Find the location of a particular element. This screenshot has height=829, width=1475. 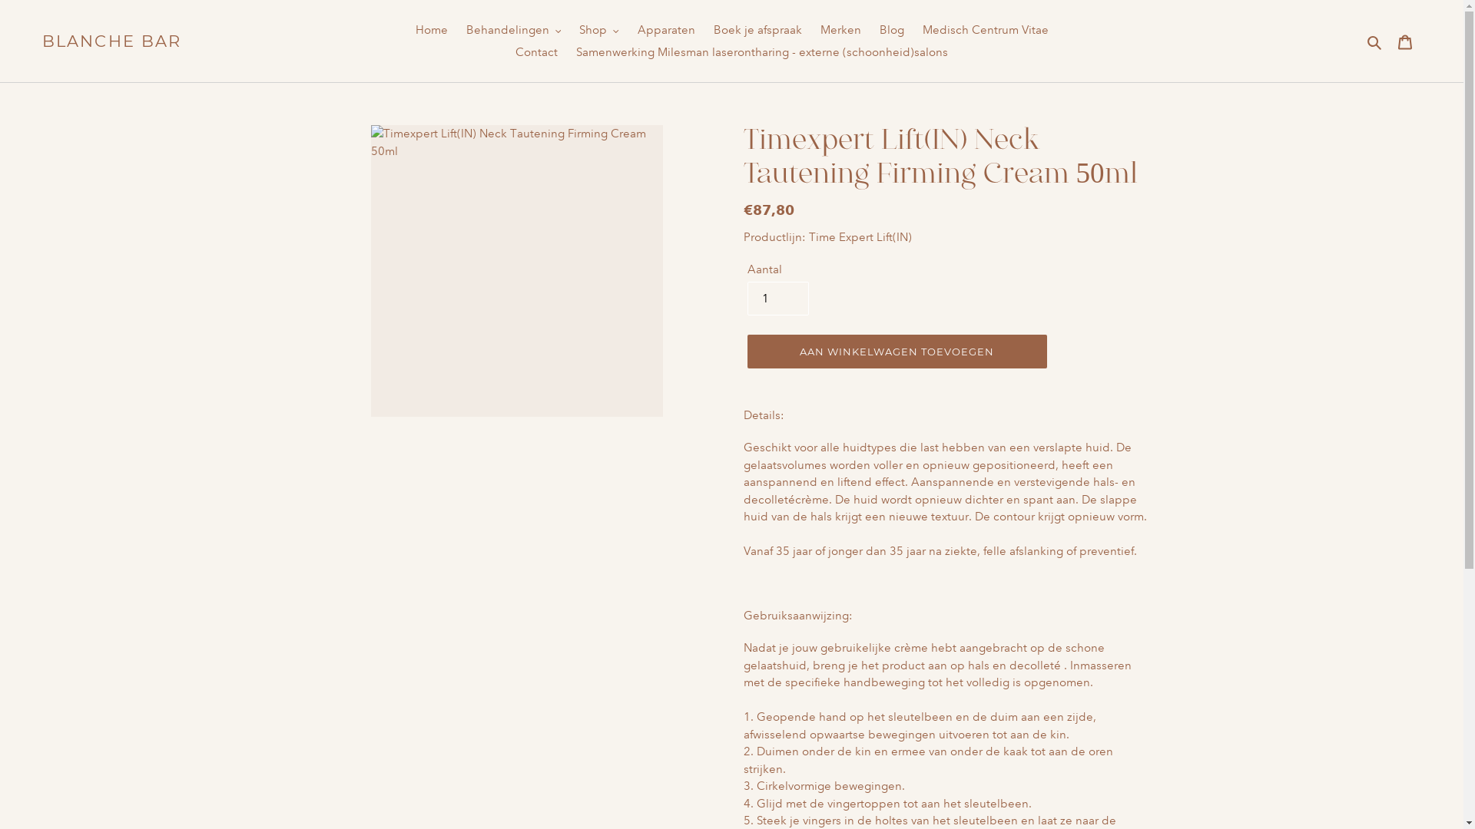

'Merken' is located at coordinates (840, 30).